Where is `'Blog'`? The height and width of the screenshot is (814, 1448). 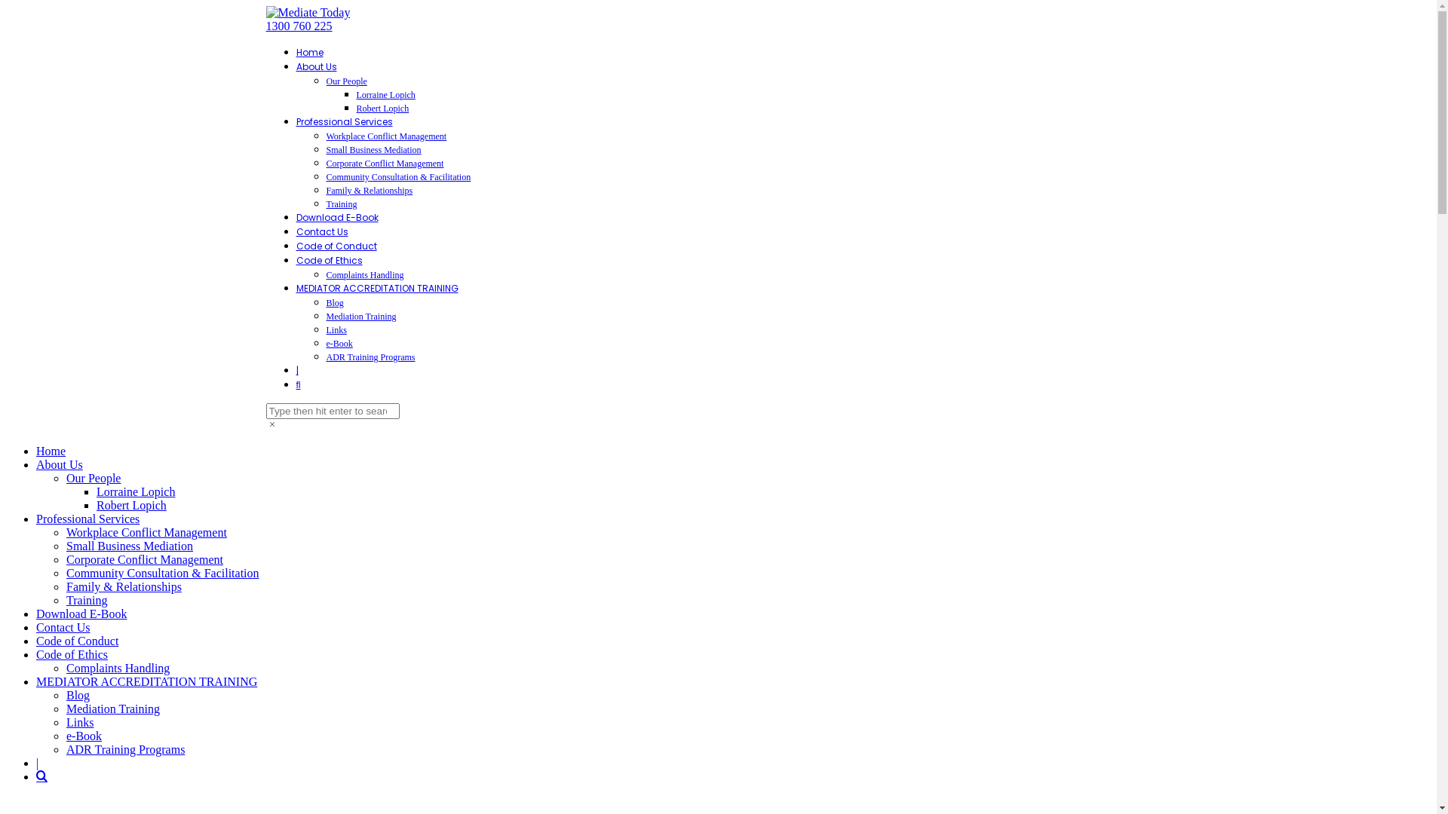 'Blog' is located at coordinates (333, 302).